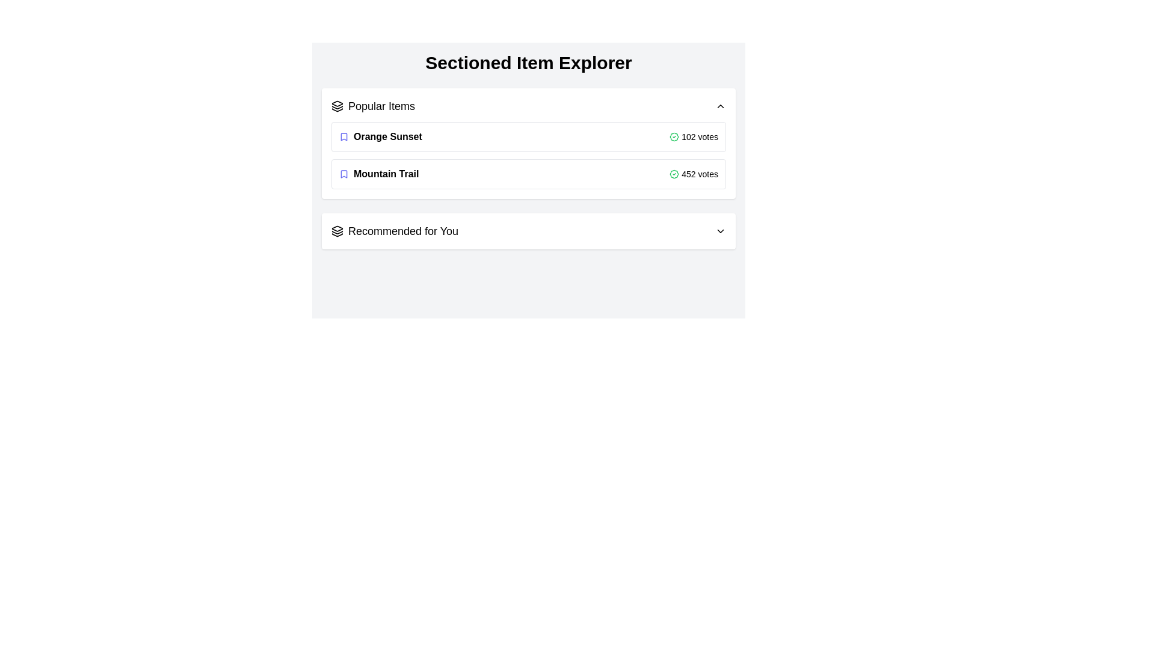 The height and width of the screenshot is (649, 1155). I want to click on the first item in the 'Popular Items' list, so click(528, 136).